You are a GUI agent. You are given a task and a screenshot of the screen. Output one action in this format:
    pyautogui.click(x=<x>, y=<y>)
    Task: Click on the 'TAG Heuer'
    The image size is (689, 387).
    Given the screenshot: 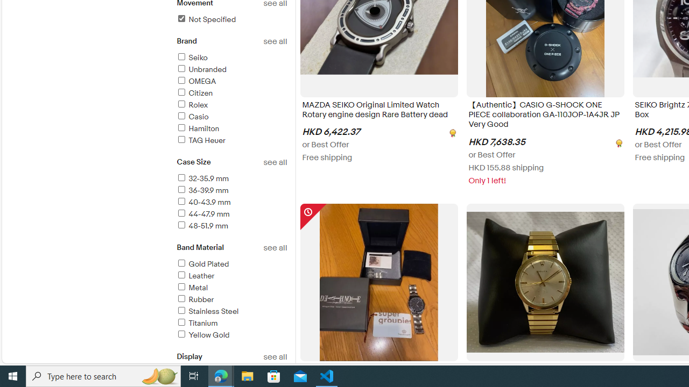 What is the action you would take?
    pyautogui.click(x=231, y=140)
    